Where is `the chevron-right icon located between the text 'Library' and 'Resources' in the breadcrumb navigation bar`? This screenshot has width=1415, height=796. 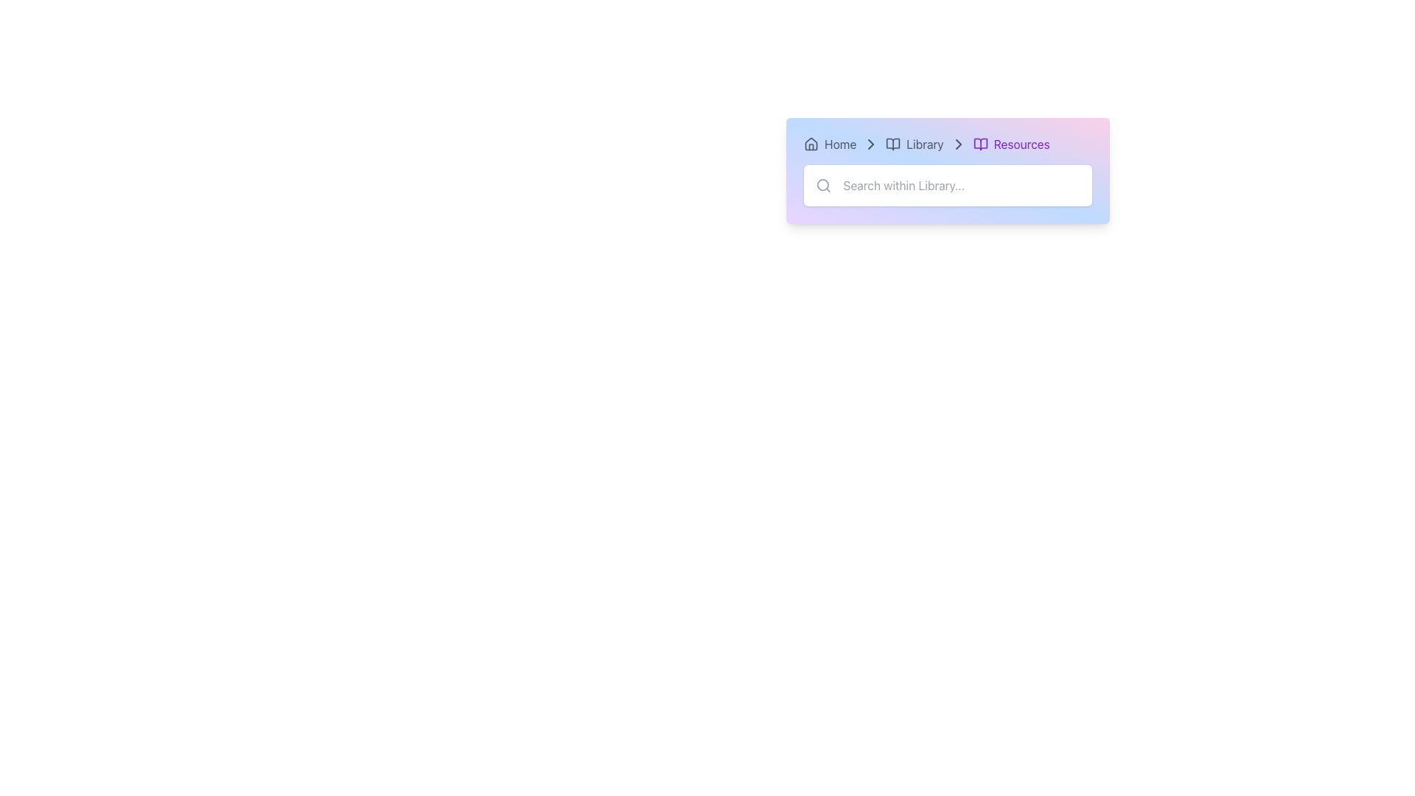 the chevron-right icon located between the text 'Library' and 'Resources' in the breadcrumb navigation bar is located at coordinates (958, 144).